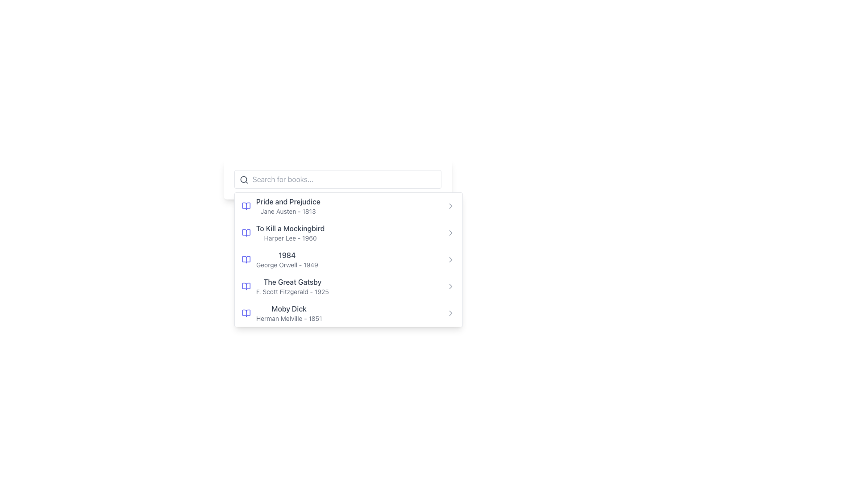 The height and width of the screenshot is (482, 857). Describe the element at coordinates (288, 206) in the screenshot. I see `the list item displaying 'Pride and Prejudice' by Jane Austen` at that location.